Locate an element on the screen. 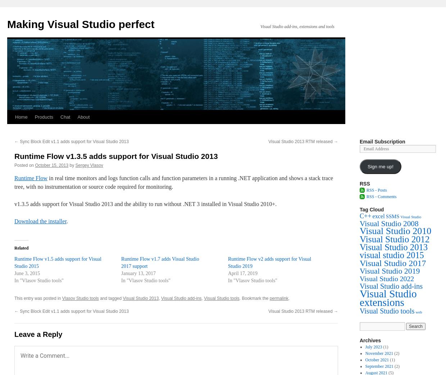 The image size is (446, 375). 'Runtime Flow v1.3.5 adds support for Visual Studio 2013' is located at coordinates (115, 156).